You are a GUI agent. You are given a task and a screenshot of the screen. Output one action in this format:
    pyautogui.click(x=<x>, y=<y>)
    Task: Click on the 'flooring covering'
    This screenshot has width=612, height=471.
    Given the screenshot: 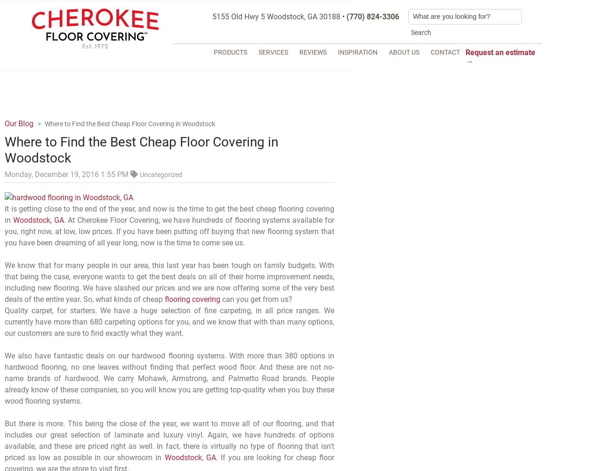 What is the action you would take?
    pyautogui.click(x=192, y=299)
    